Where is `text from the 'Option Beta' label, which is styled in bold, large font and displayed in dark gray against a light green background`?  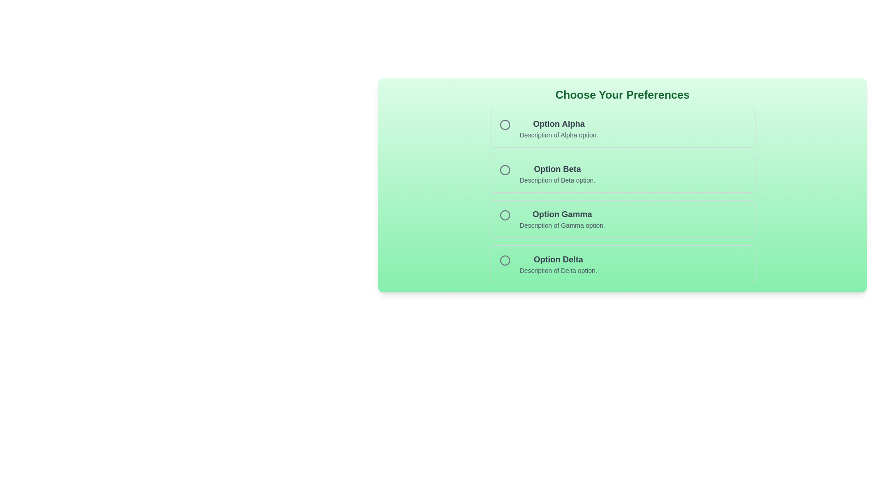
text from the 'Option Beta' label, which is styled in bold, large font and displayed in dark gray against a light green background is located at coordinates (557, 169).